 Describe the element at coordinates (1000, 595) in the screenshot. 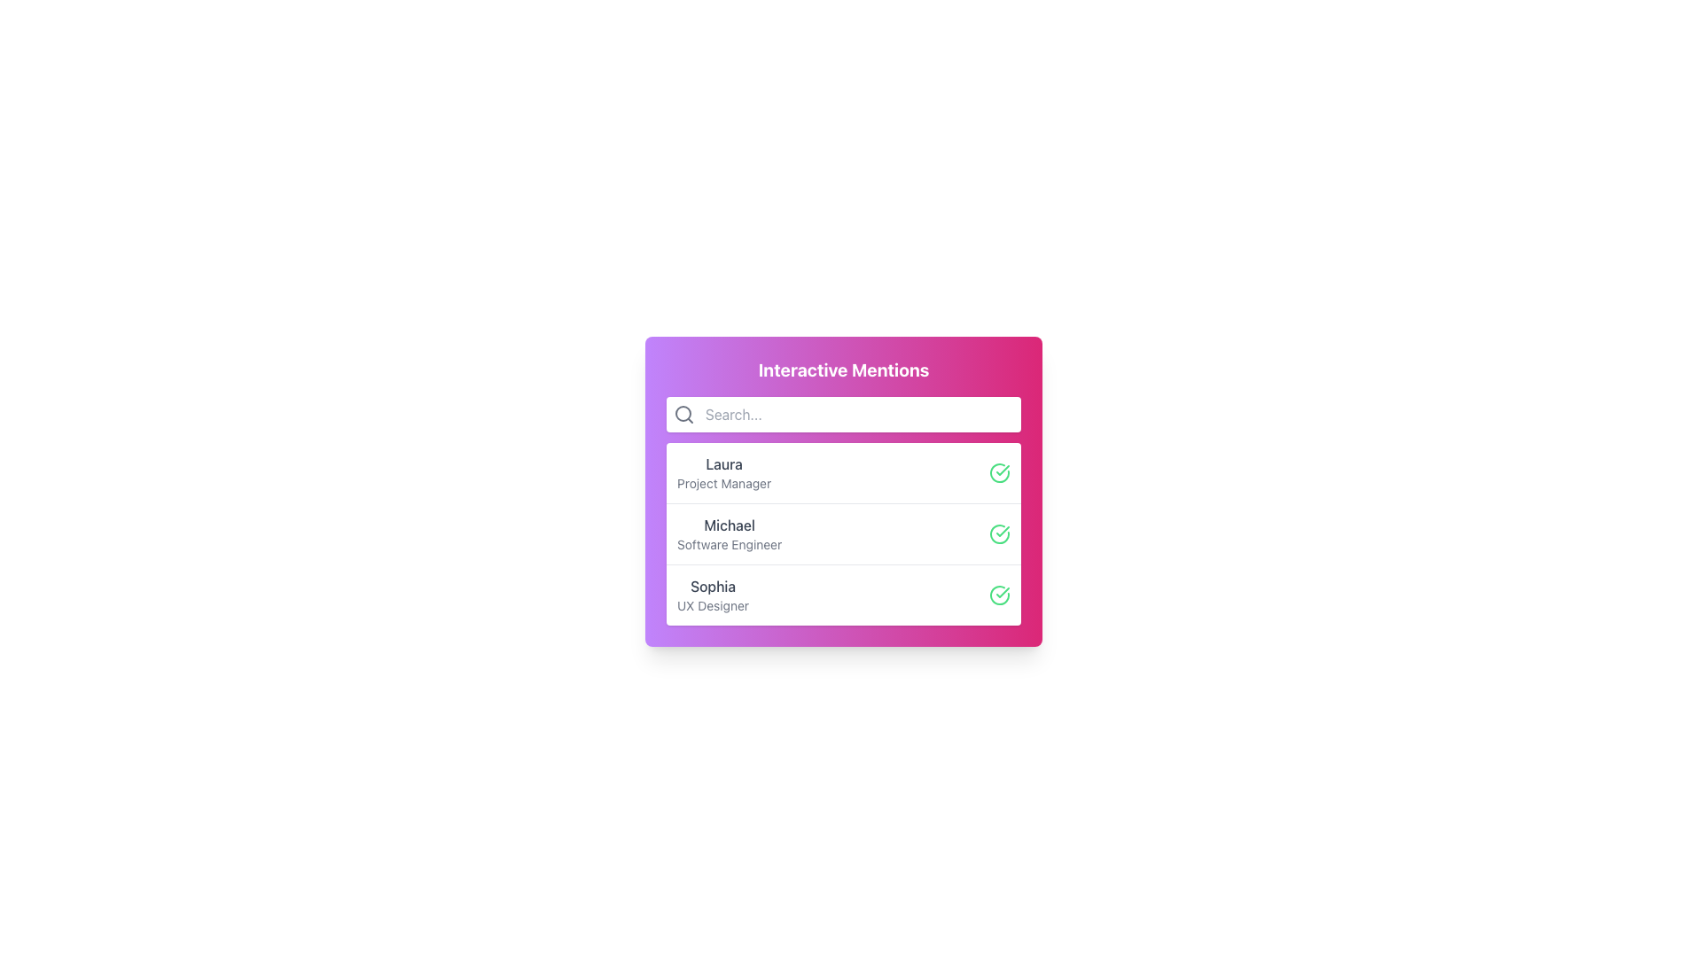

I see `the green circular checkmark icon located at the rightmost position in the row labeled 'Sophia UX Designer', which indicates a status such as completion or approval` at that location.